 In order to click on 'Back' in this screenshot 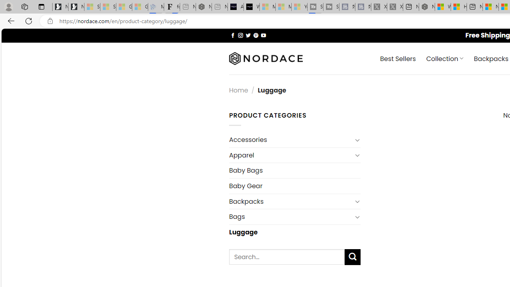, I will do `click(10, 20)`.